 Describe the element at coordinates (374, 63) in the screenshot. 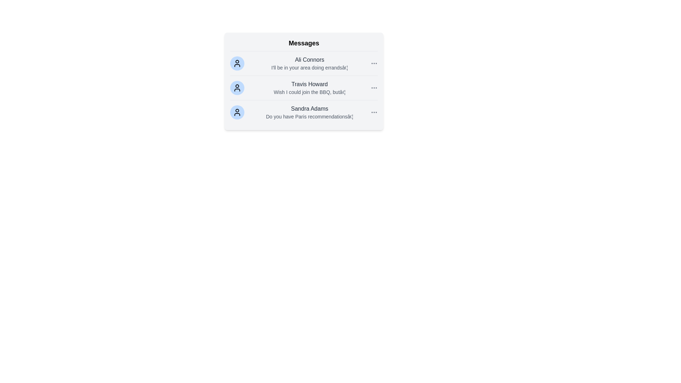

I see `the ellipsis icon, consisting of three horizontally-aligned gray dots, located to the right of the contact 'Ali Connors' and their message preview` at that location.